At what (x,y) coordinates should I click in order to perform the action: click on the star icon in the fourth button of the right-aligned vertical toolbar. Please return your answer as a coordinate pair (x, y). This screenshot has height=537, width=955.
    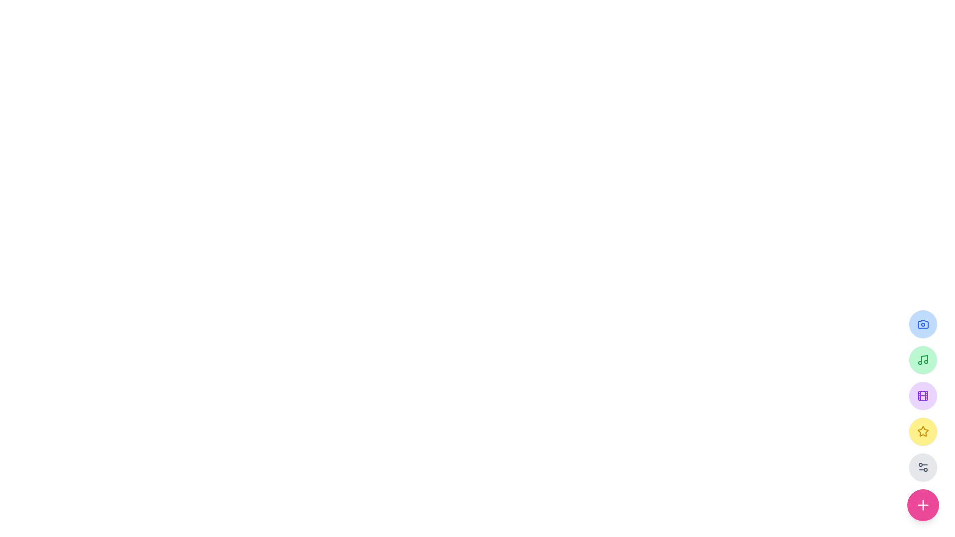
    Looking at the image, I should click on (923, 431).